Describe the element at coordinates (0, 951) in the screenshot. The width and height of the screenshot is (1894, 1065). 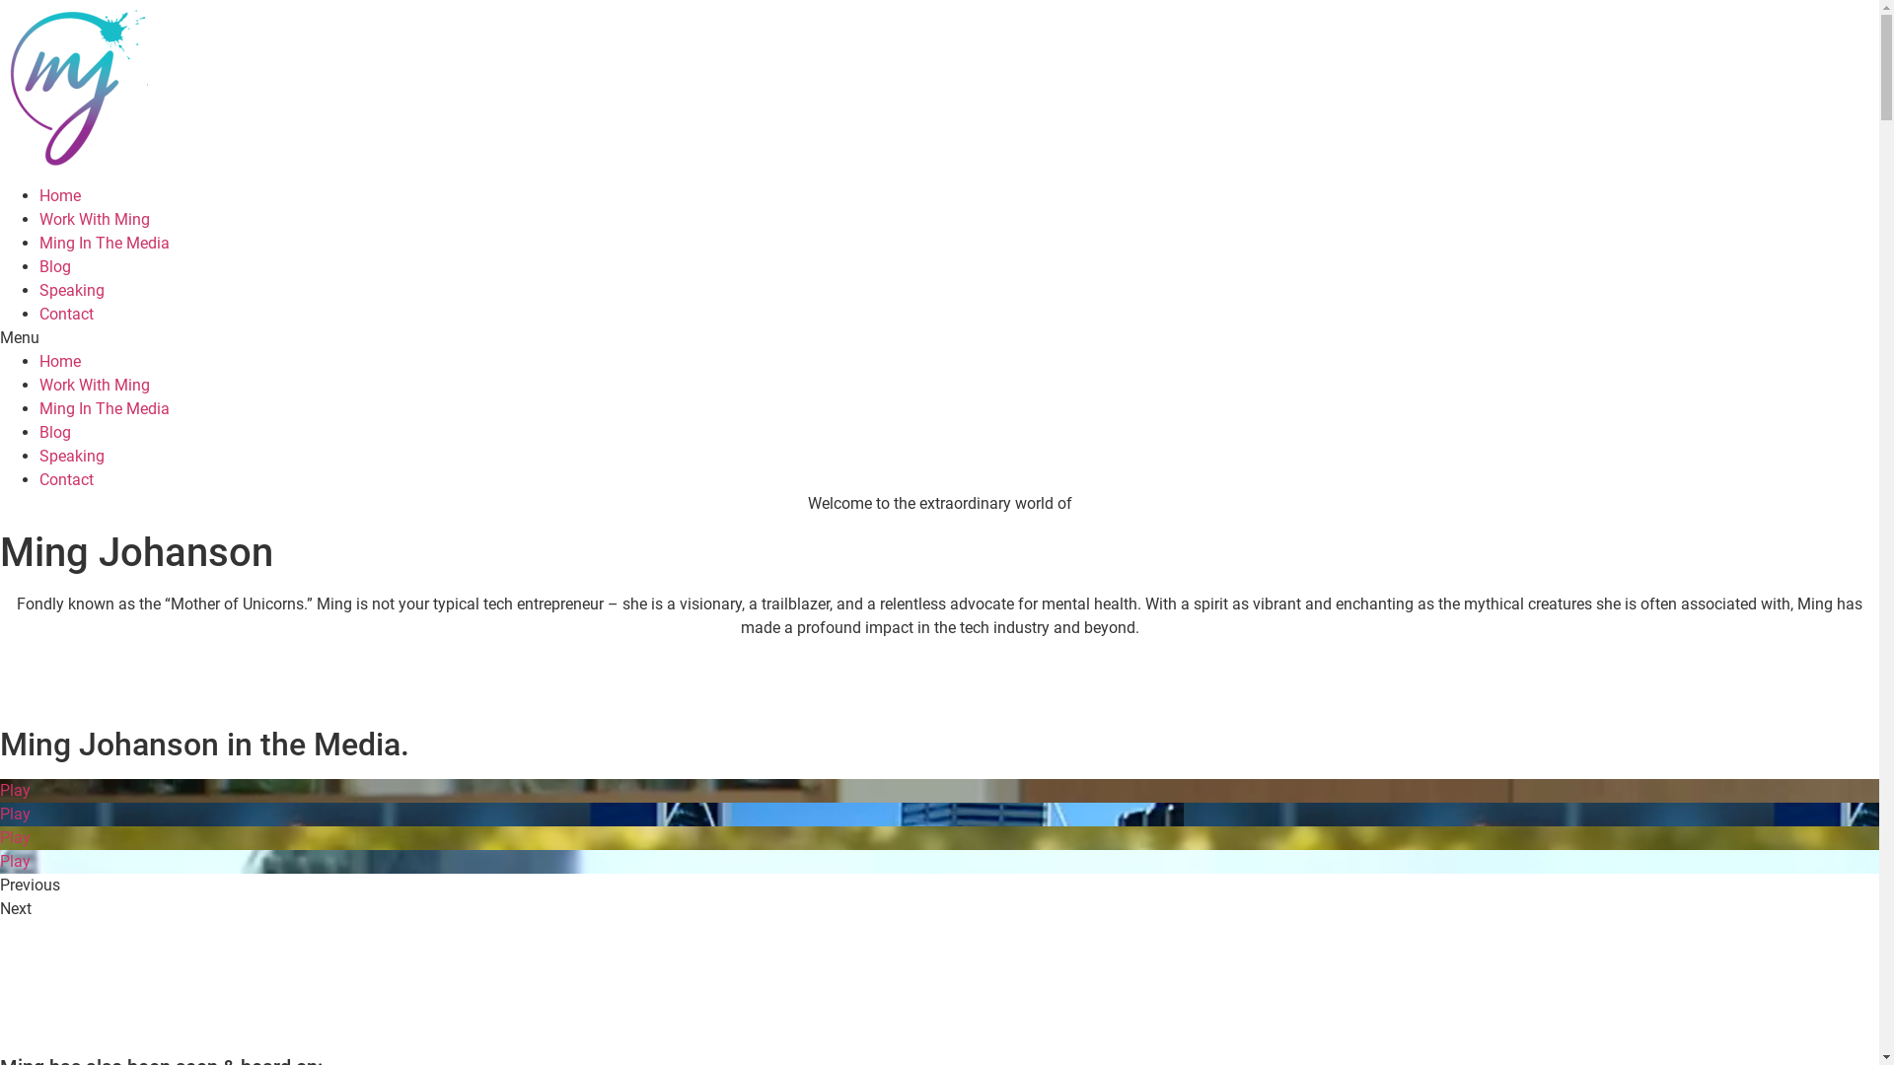
I see `'Watch More of Ming In The Media'` at that location.